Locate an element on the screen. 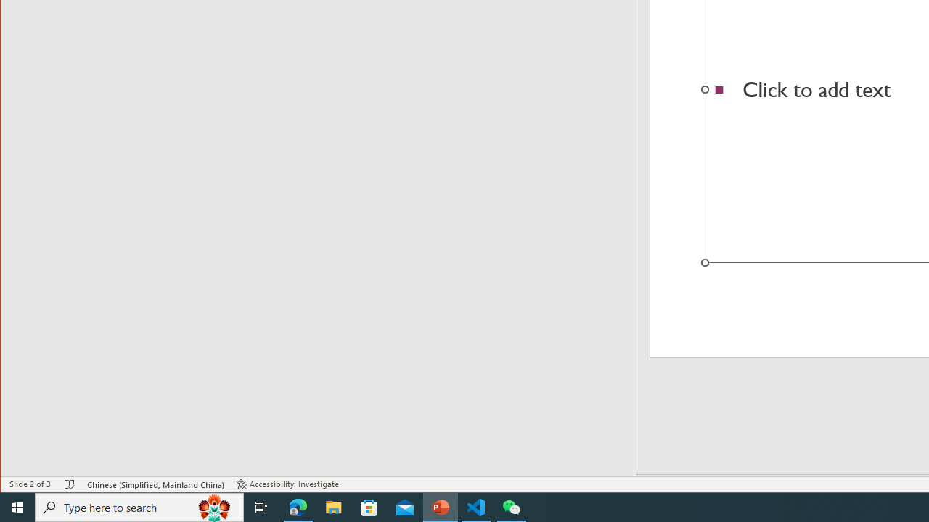 This screenshot has height=522, width=929. 'WeChat - 1 running window' is located at coordinates (512, 506).